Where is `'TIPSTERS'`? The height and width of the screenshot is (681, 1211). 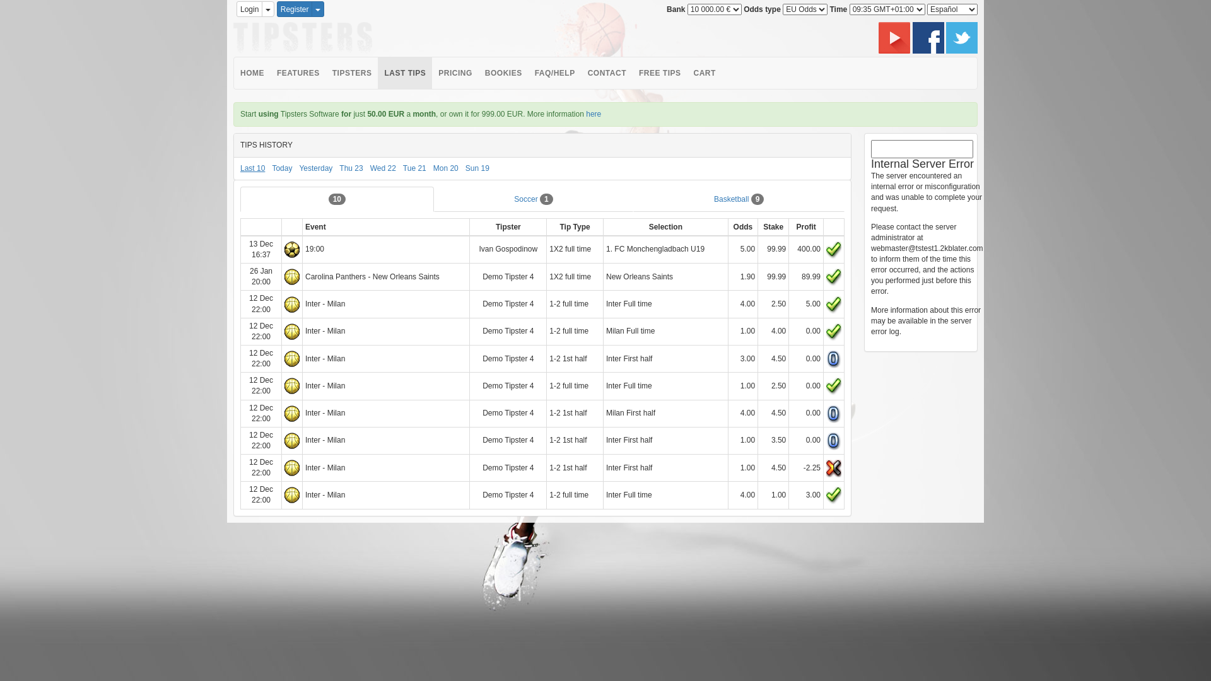 'TIPSTERS' is located at coordinates (326, 73).